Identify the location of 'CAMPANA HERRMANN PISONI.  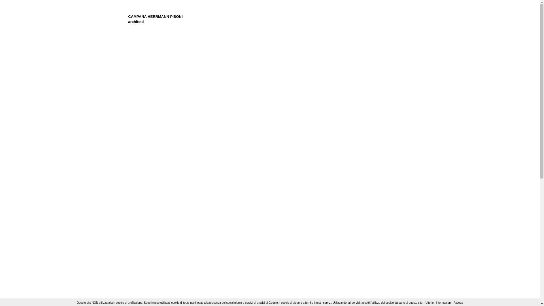
(127, 19).